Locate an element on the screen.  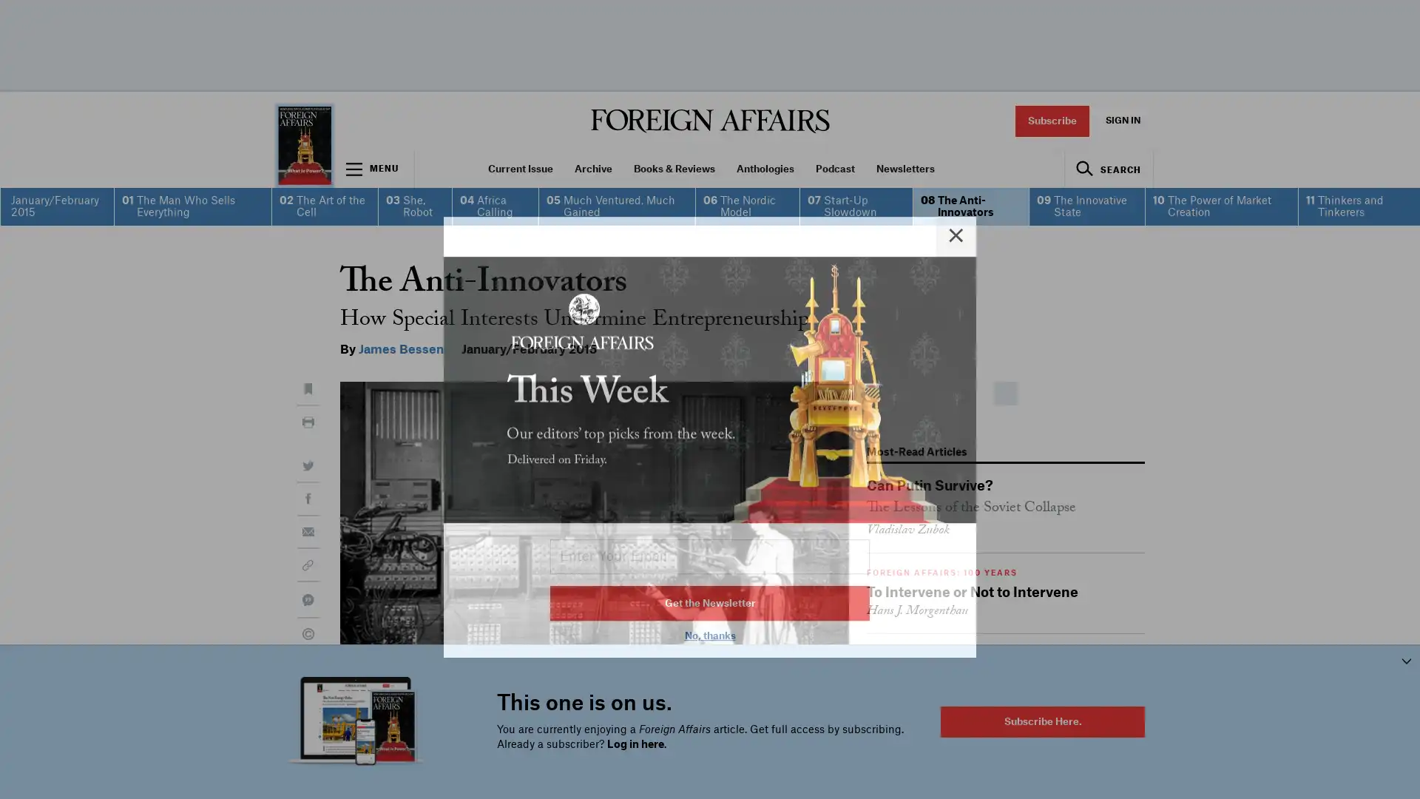
Close dialog is located at coordinates (956, 198).